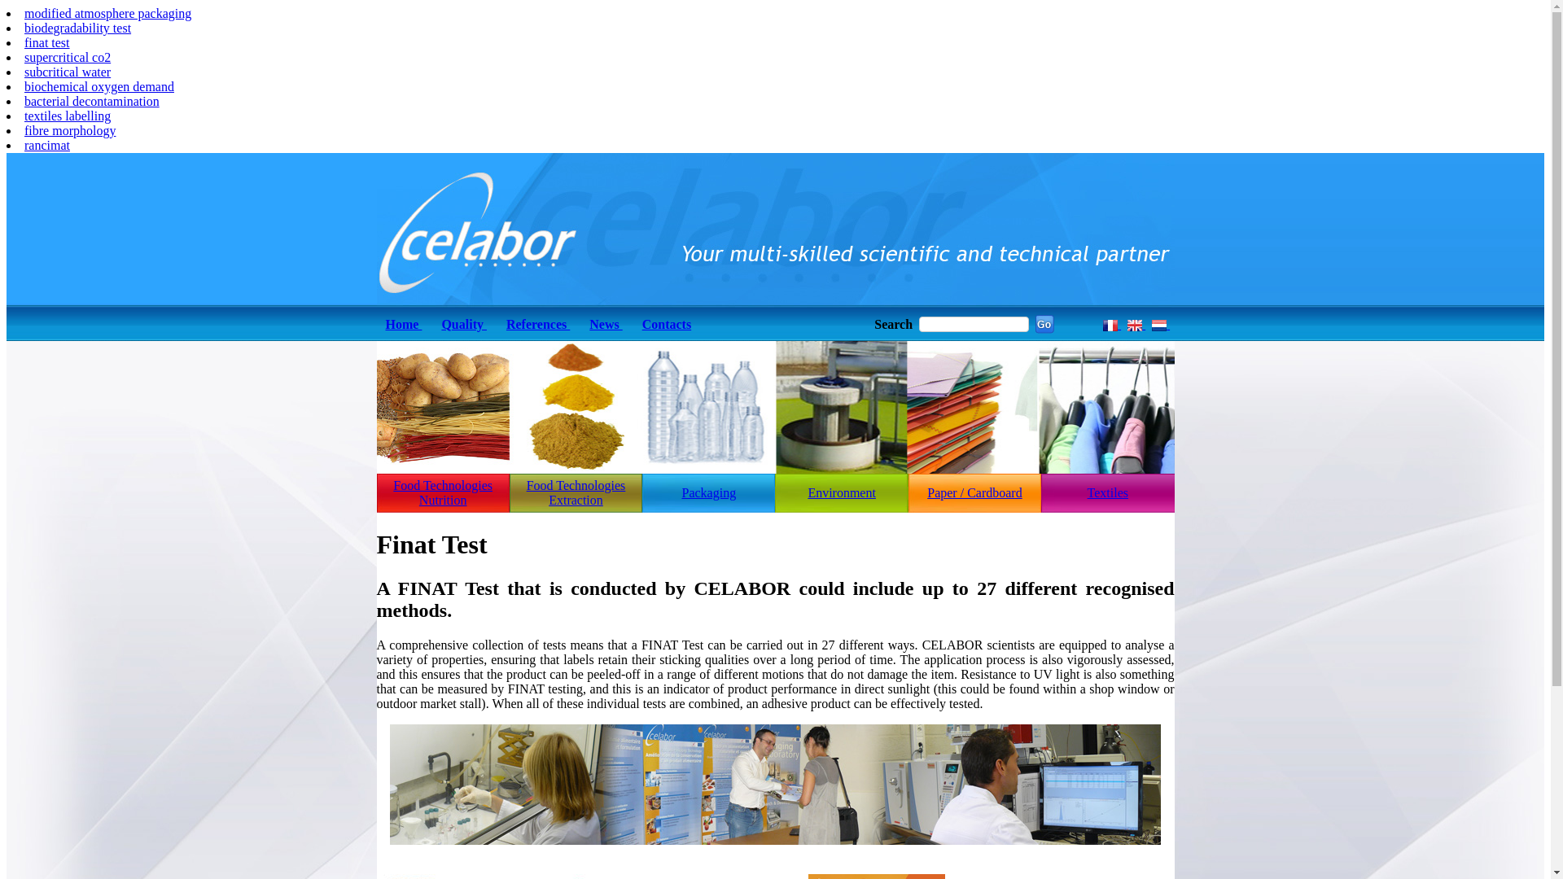 This screenshot has height=879, width=1563. What do you see at coordinates (66, 71) in the screenshot?
I see `'subcritical water'` at bounding box center [66, 71].